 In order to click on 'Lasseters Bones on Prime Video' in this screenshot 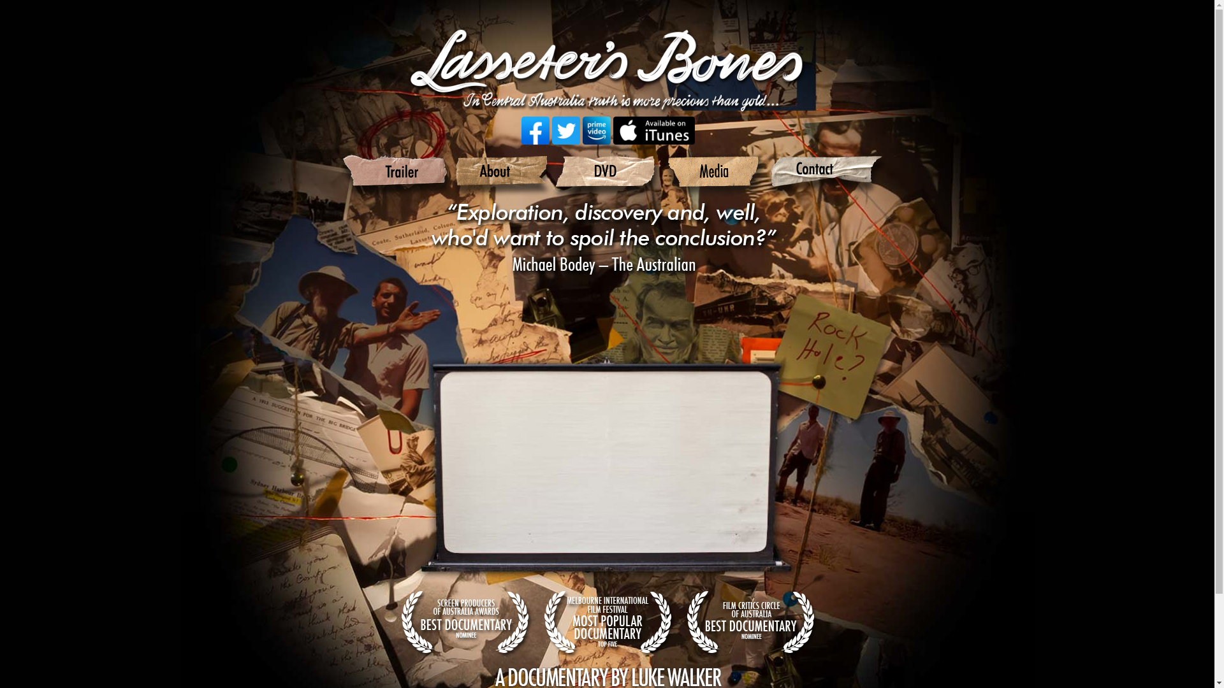, I will do `click(596, 130)`.